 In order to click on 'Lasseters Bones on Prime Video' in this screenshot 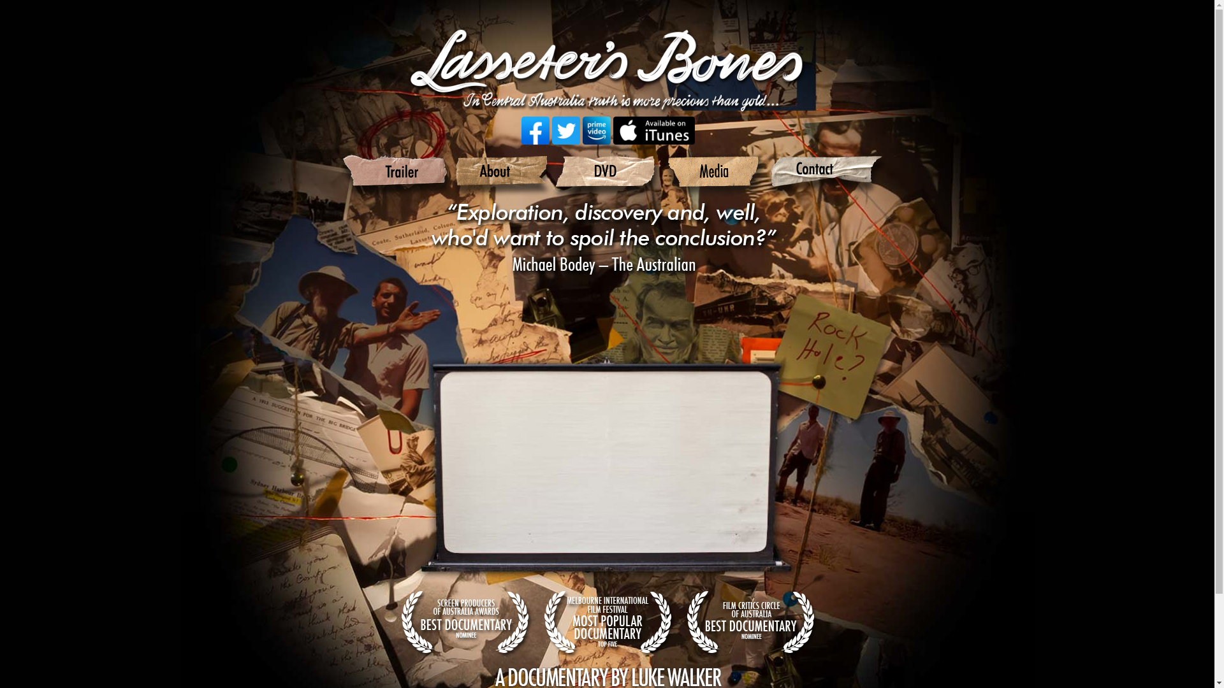, I will do `click(596, 130)`.